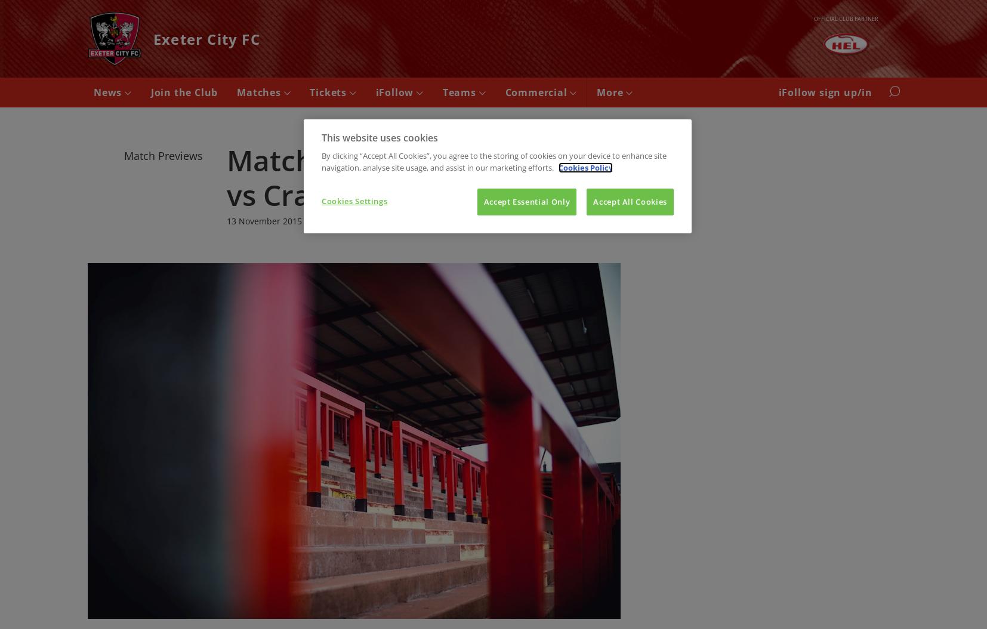 This screenshot has height=629, width=987. Describe the element at coordinates (460, 92) in the screenshot. I see `'Teams'` at that location.